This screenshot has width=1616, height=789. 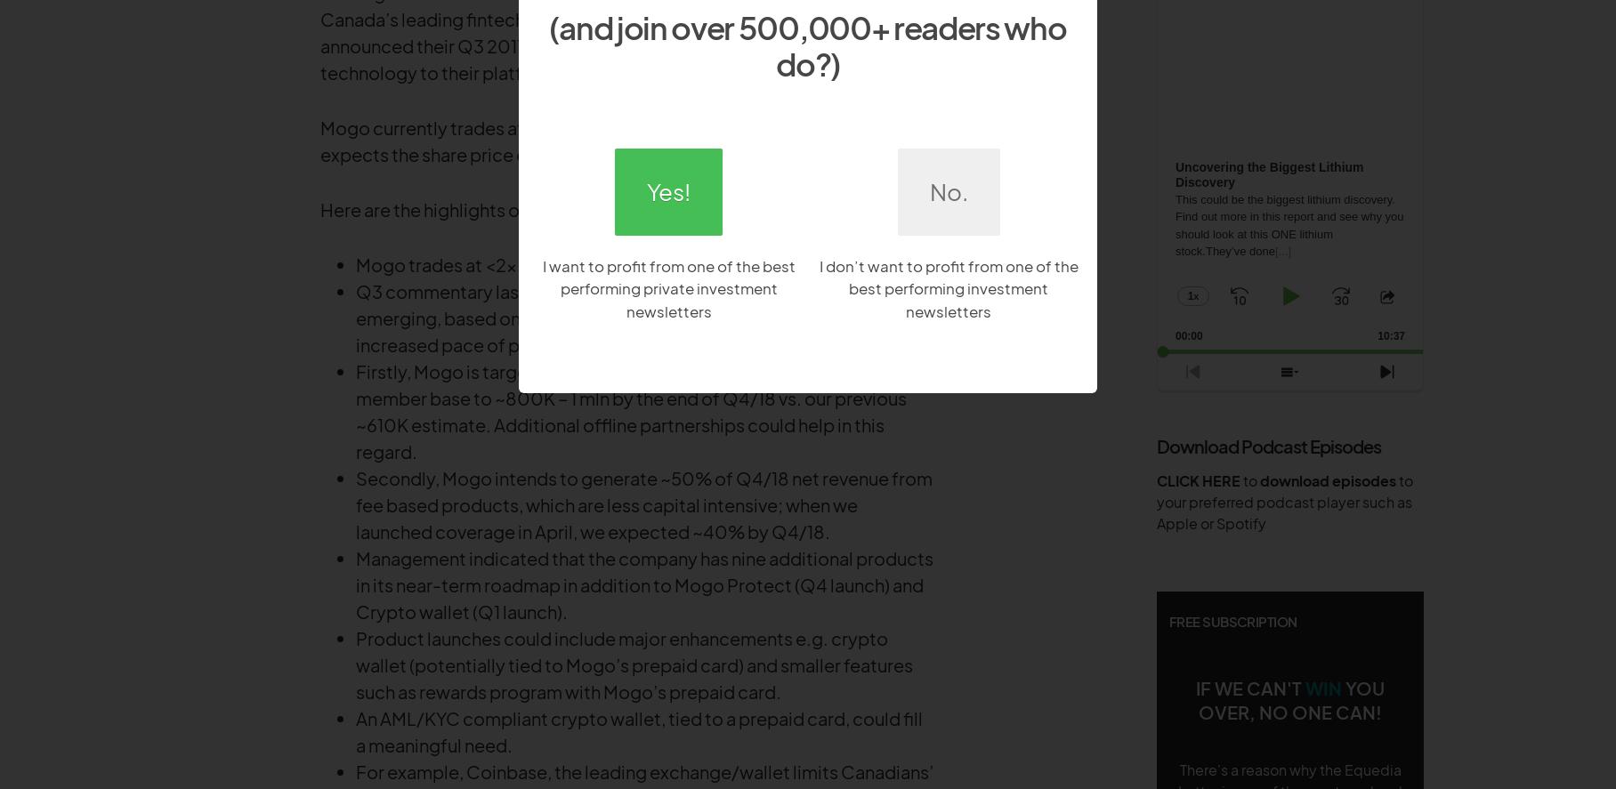 I want to click on 'Mogo currently trades at under $6 per share, which means the analyst expects the share price of Mogo to double.', so click(x=319, y=140).